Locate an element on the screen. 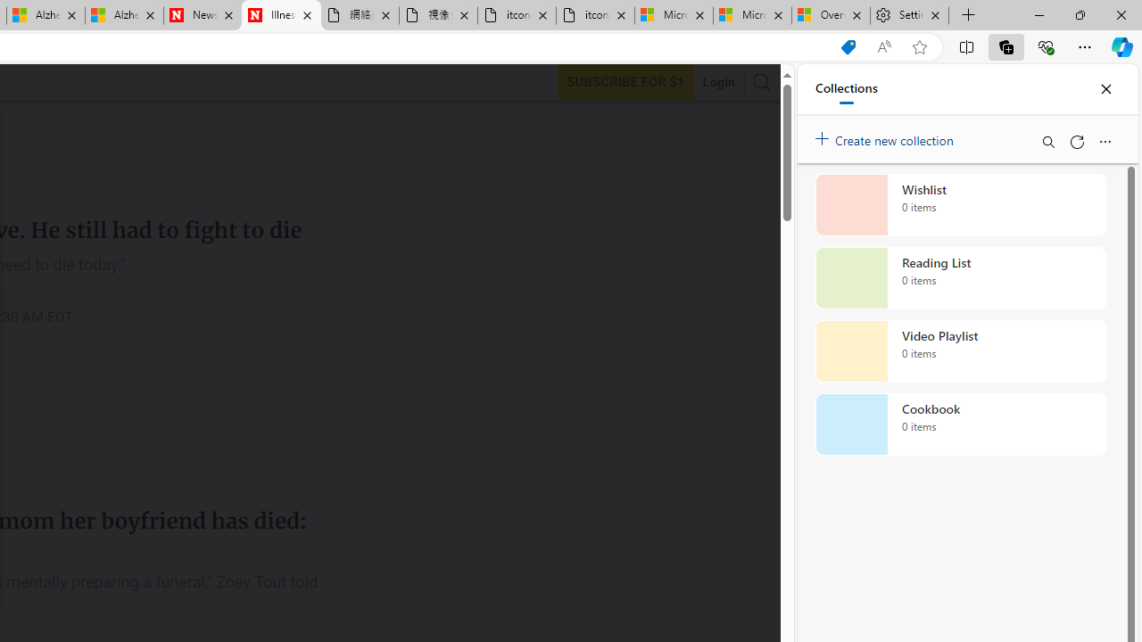 This screenshot has width=1142, height=642. 'itconcepthk.com/projector_solutions.mp4' is located at coordinates (594, 15).